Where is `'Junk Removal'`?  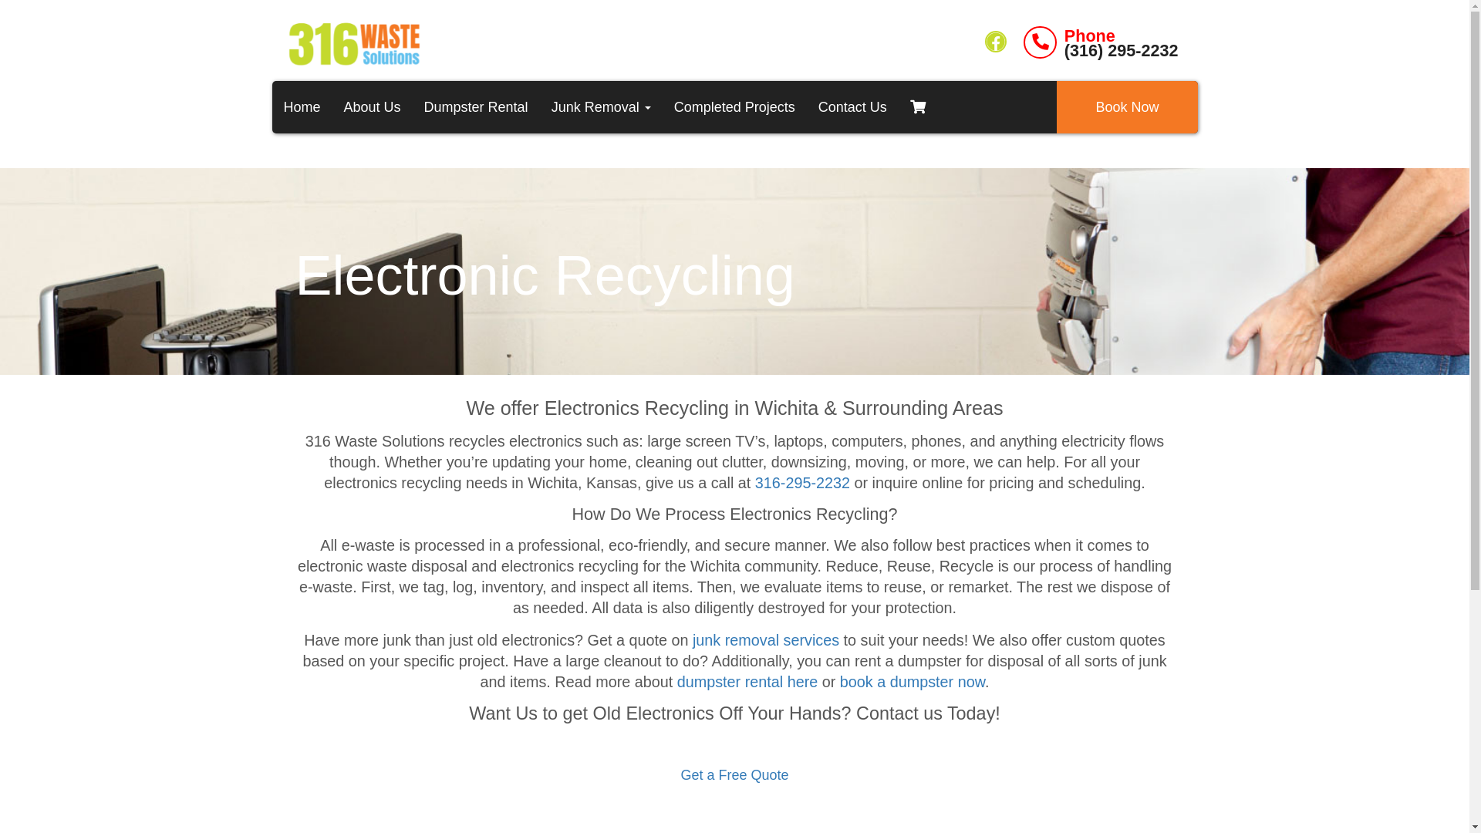
'Junk Removal' is located at coordinates (540, 106).